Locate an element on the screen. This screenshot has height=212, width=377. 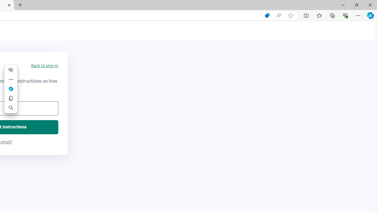
'Hide menu' is located at coordinates (11, 69).